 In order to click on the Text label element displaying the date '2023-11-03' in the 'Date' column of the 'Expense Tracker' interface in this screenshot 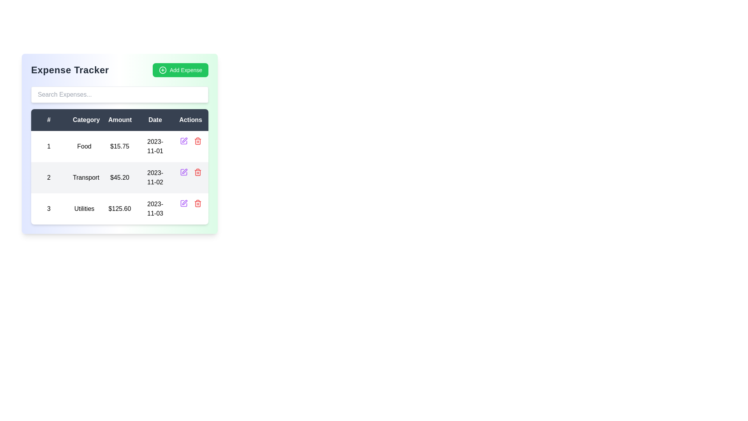, I will do `click(155, 209)`.